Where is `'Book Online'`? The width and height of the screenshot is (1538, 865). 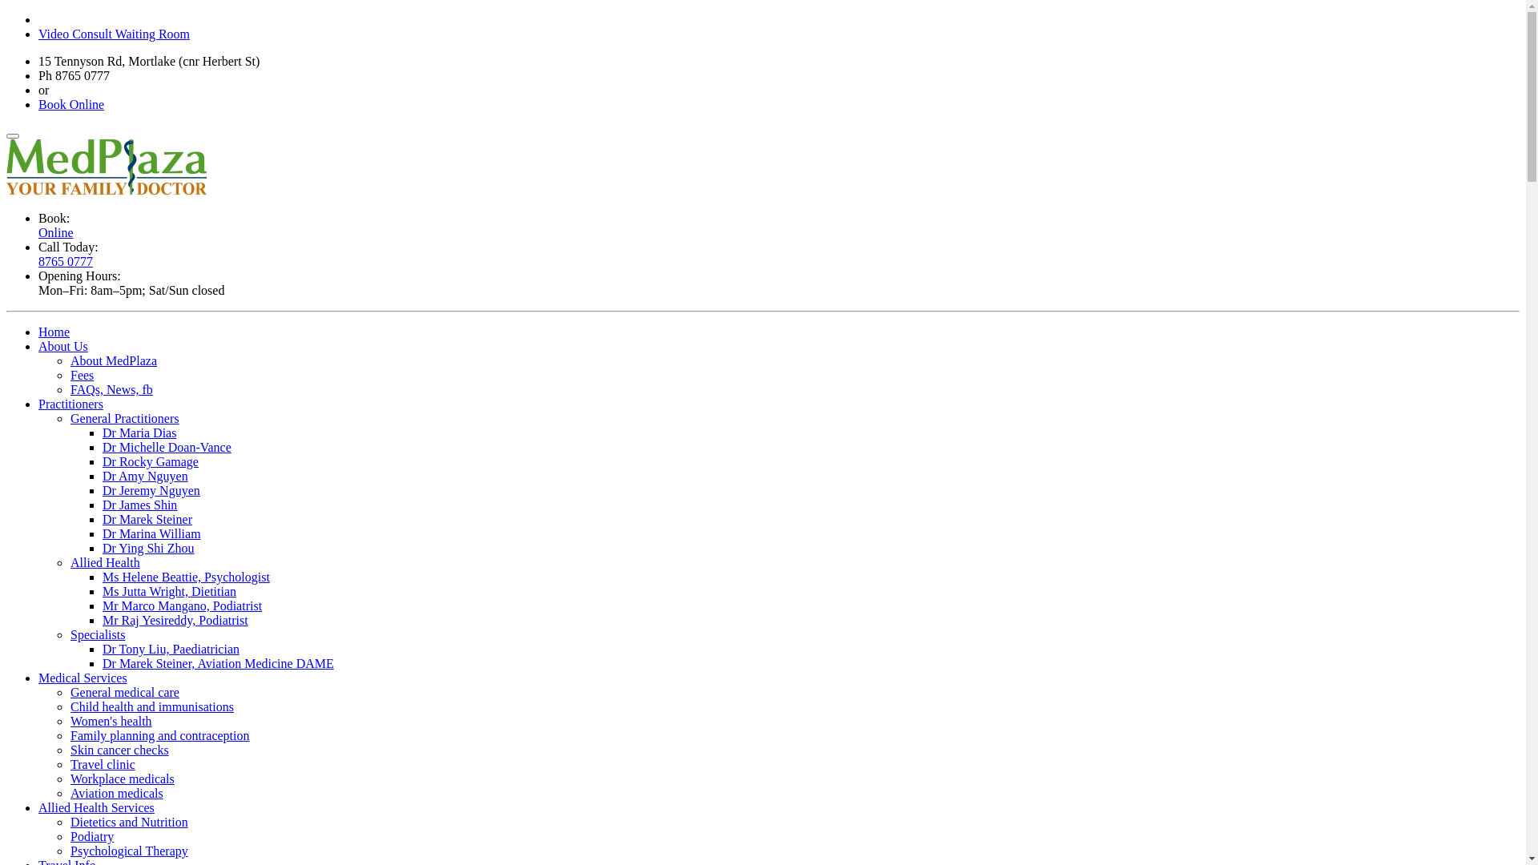
'Book Online' is located at coordinates (70, 104).